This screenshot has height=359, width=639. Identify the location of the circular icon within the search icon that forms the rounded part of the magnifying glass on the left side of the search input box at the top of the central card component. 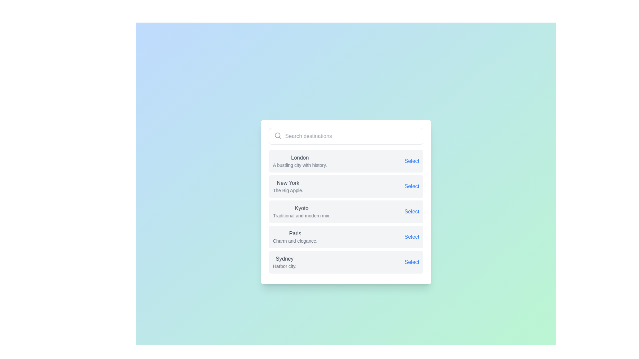
(278, 135).